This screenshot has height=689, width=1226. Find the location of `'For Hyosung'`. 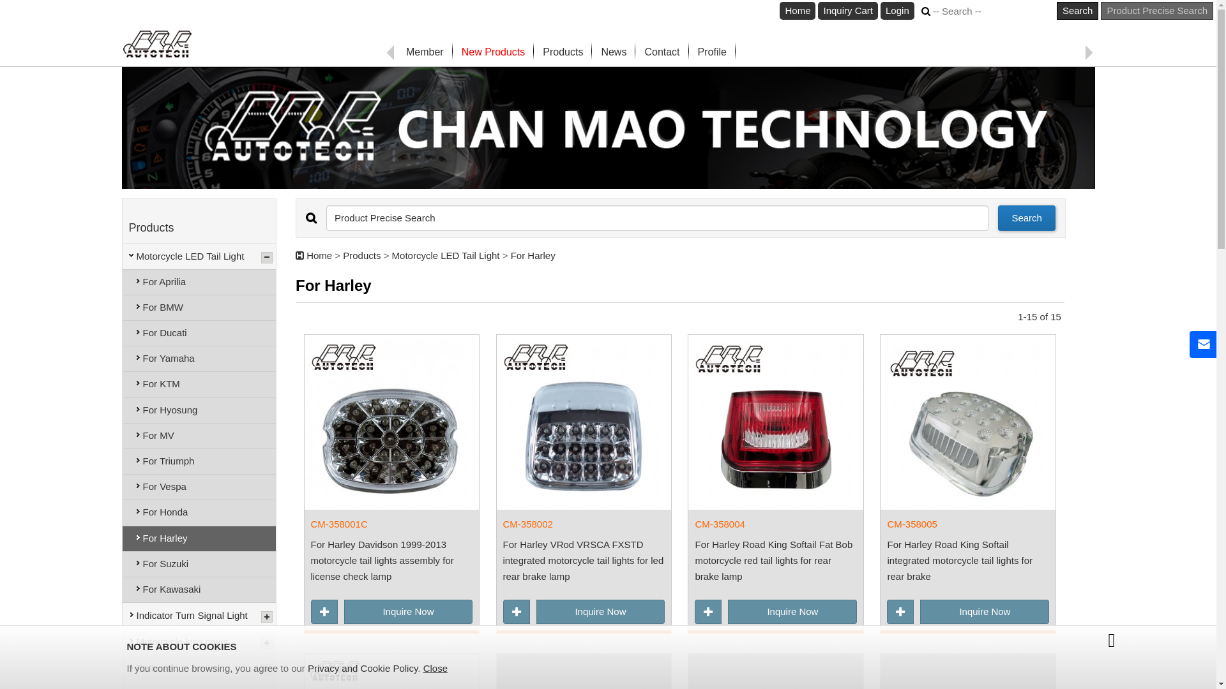

'For Hyosung' is located at coordinates (199, 410).